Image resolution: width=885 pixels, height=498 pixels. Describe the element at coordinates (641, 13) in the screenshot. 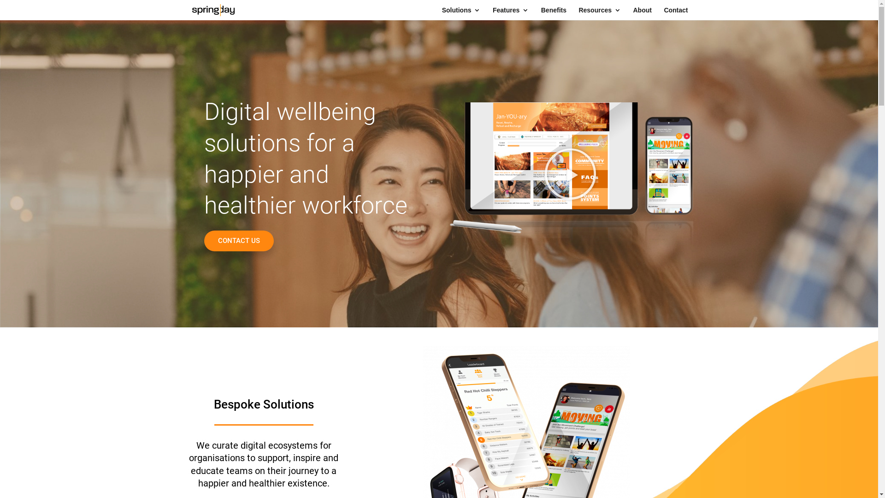

I see `'About'` at that location.